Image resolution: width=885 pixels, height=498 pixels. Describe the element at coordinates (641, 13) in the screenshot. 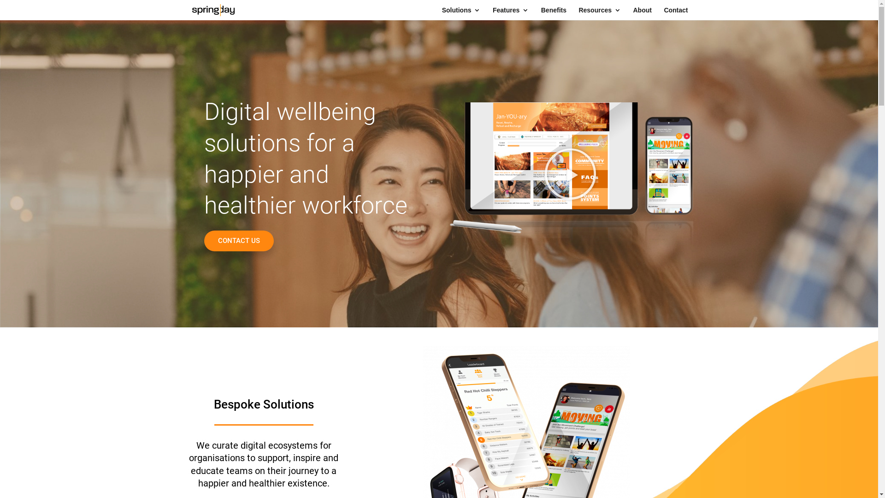

I see `'About'` at that location.